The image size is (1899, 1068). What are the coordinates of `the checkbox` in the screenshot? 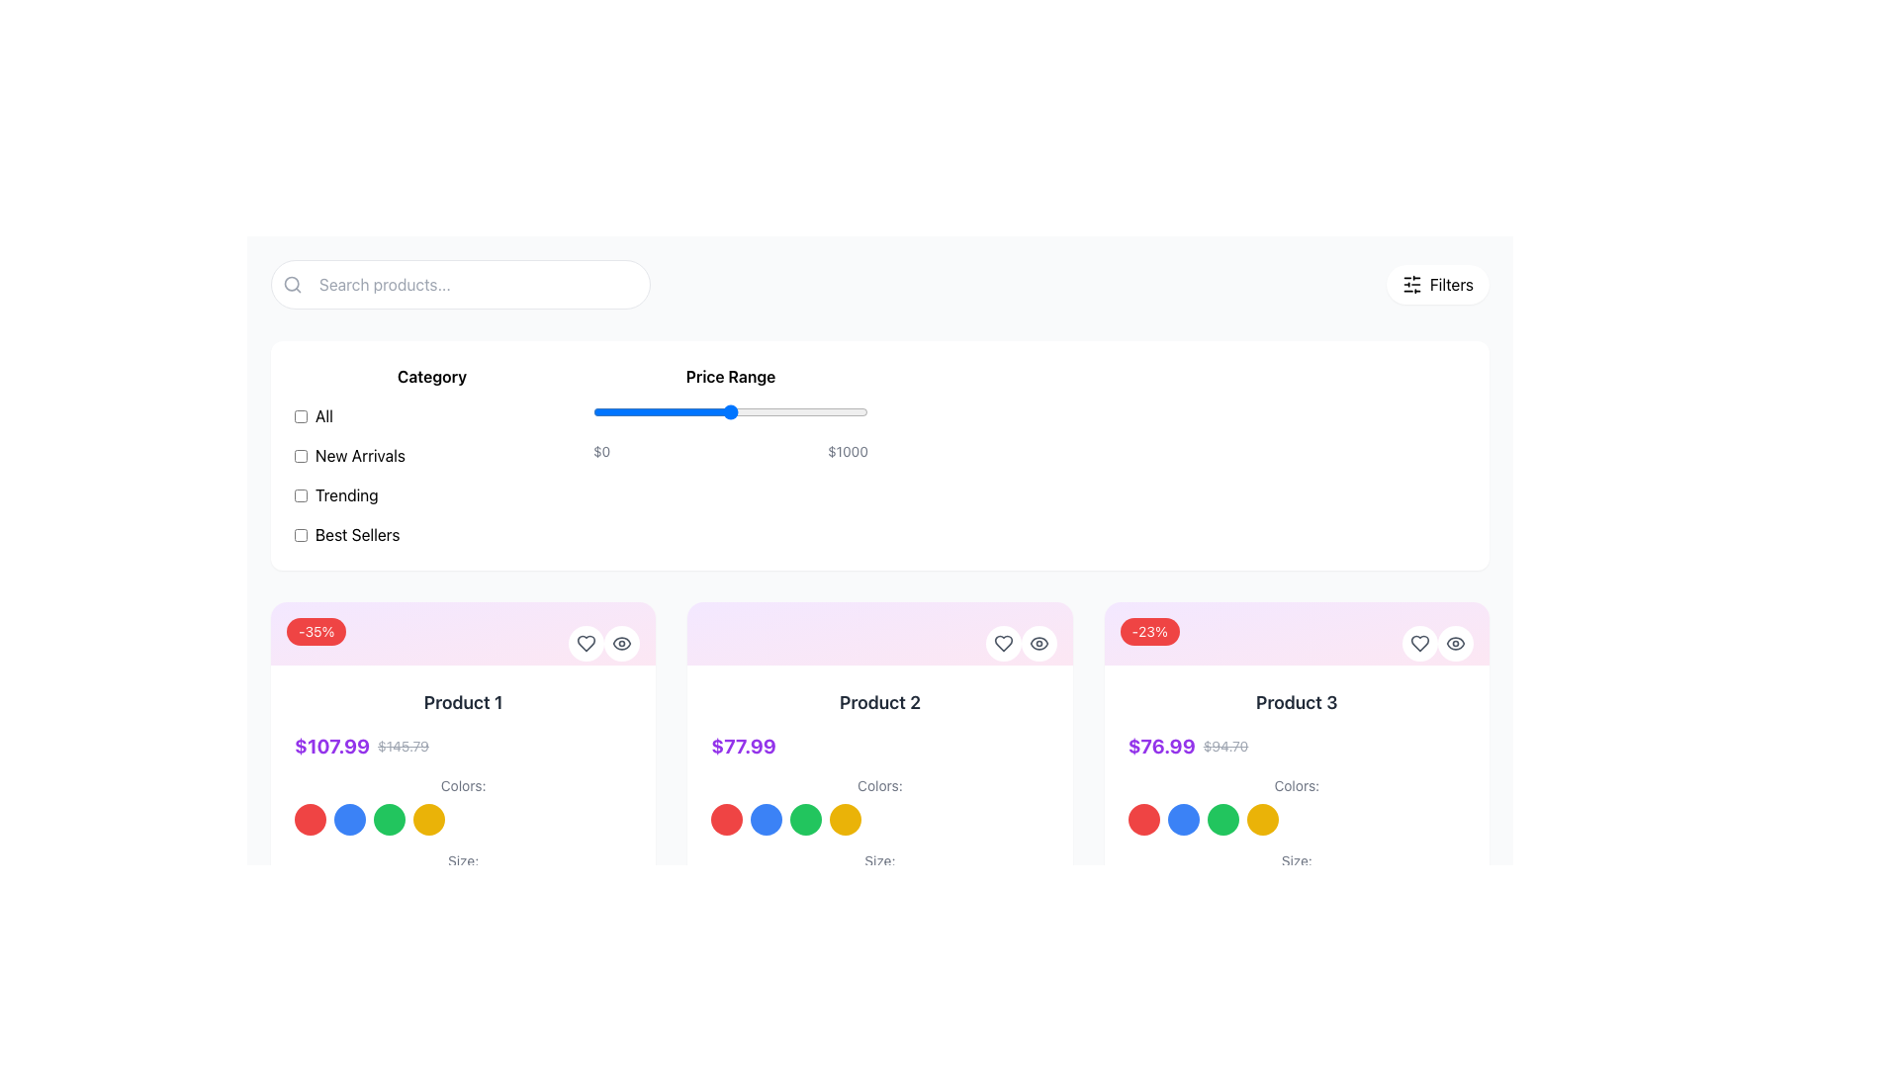 It's located at (323, 414).